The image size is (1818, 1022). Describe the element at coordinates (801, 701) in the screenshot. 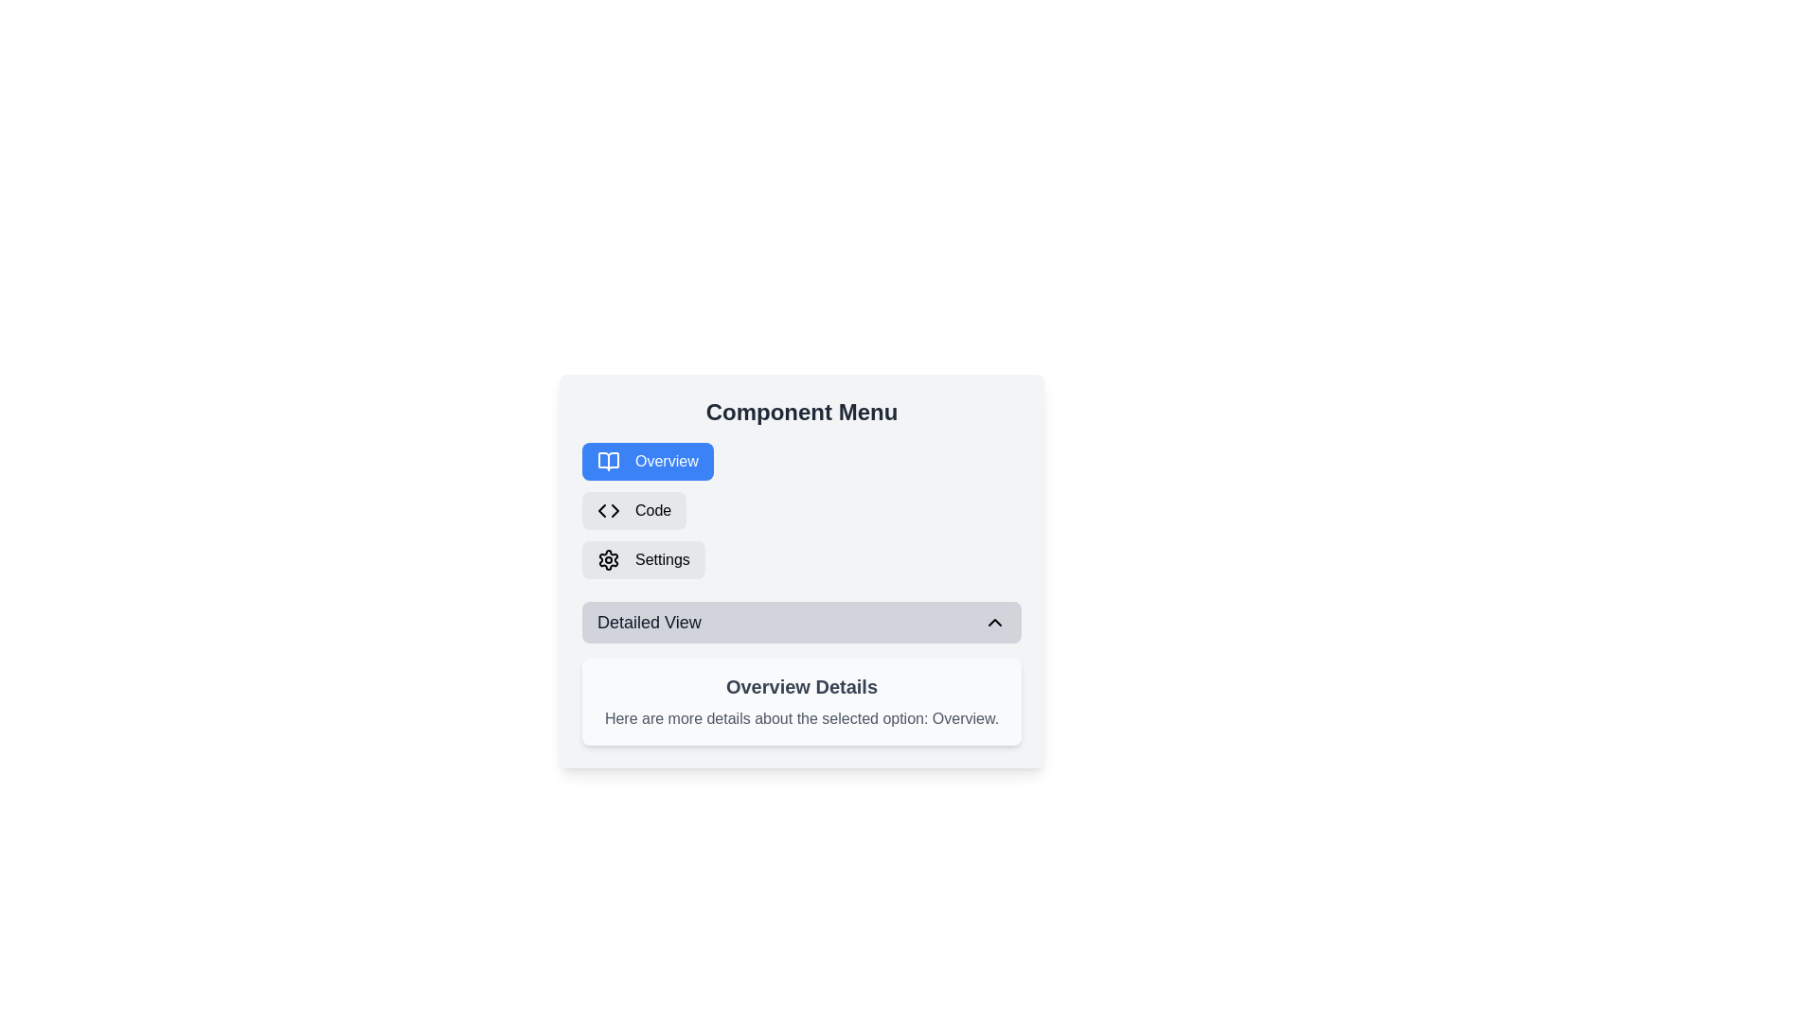

I see `the Descriptive Information Block titled 'Overview Details', which has a light gray background and contains additional details about the selected option` at that location.